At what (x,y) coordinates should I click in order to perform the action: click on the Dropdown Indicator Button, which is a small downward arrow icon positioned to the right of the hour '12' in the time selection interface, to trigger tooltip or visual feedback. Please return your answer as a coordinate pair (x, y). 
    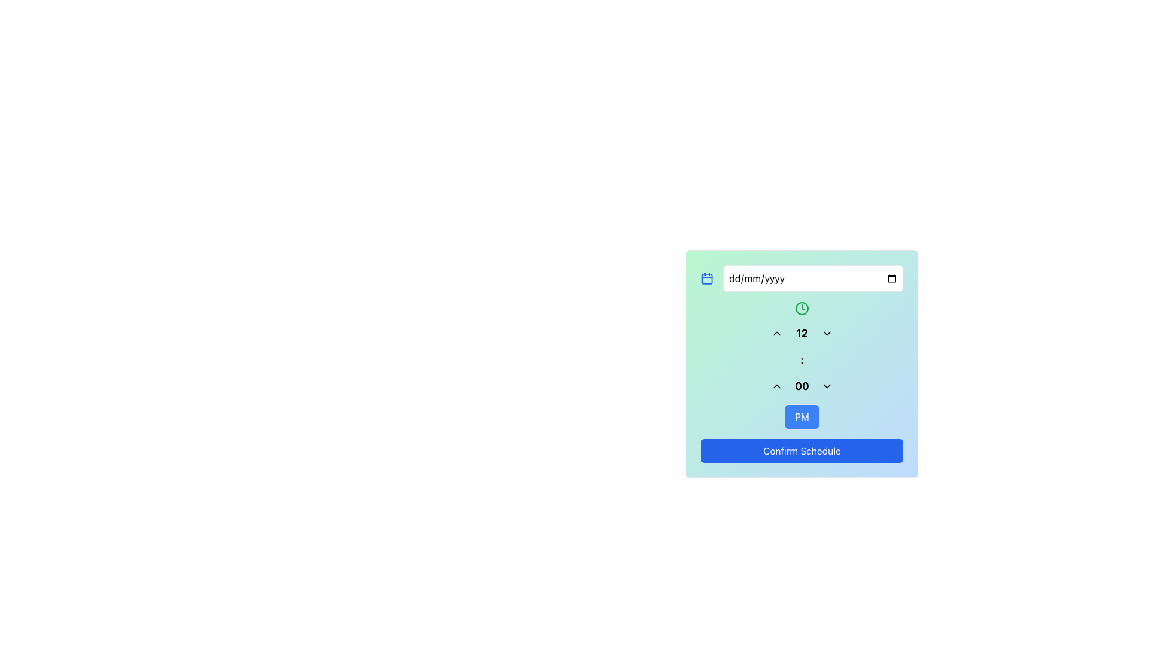
    Looking at the image, I should click on (827, 333).